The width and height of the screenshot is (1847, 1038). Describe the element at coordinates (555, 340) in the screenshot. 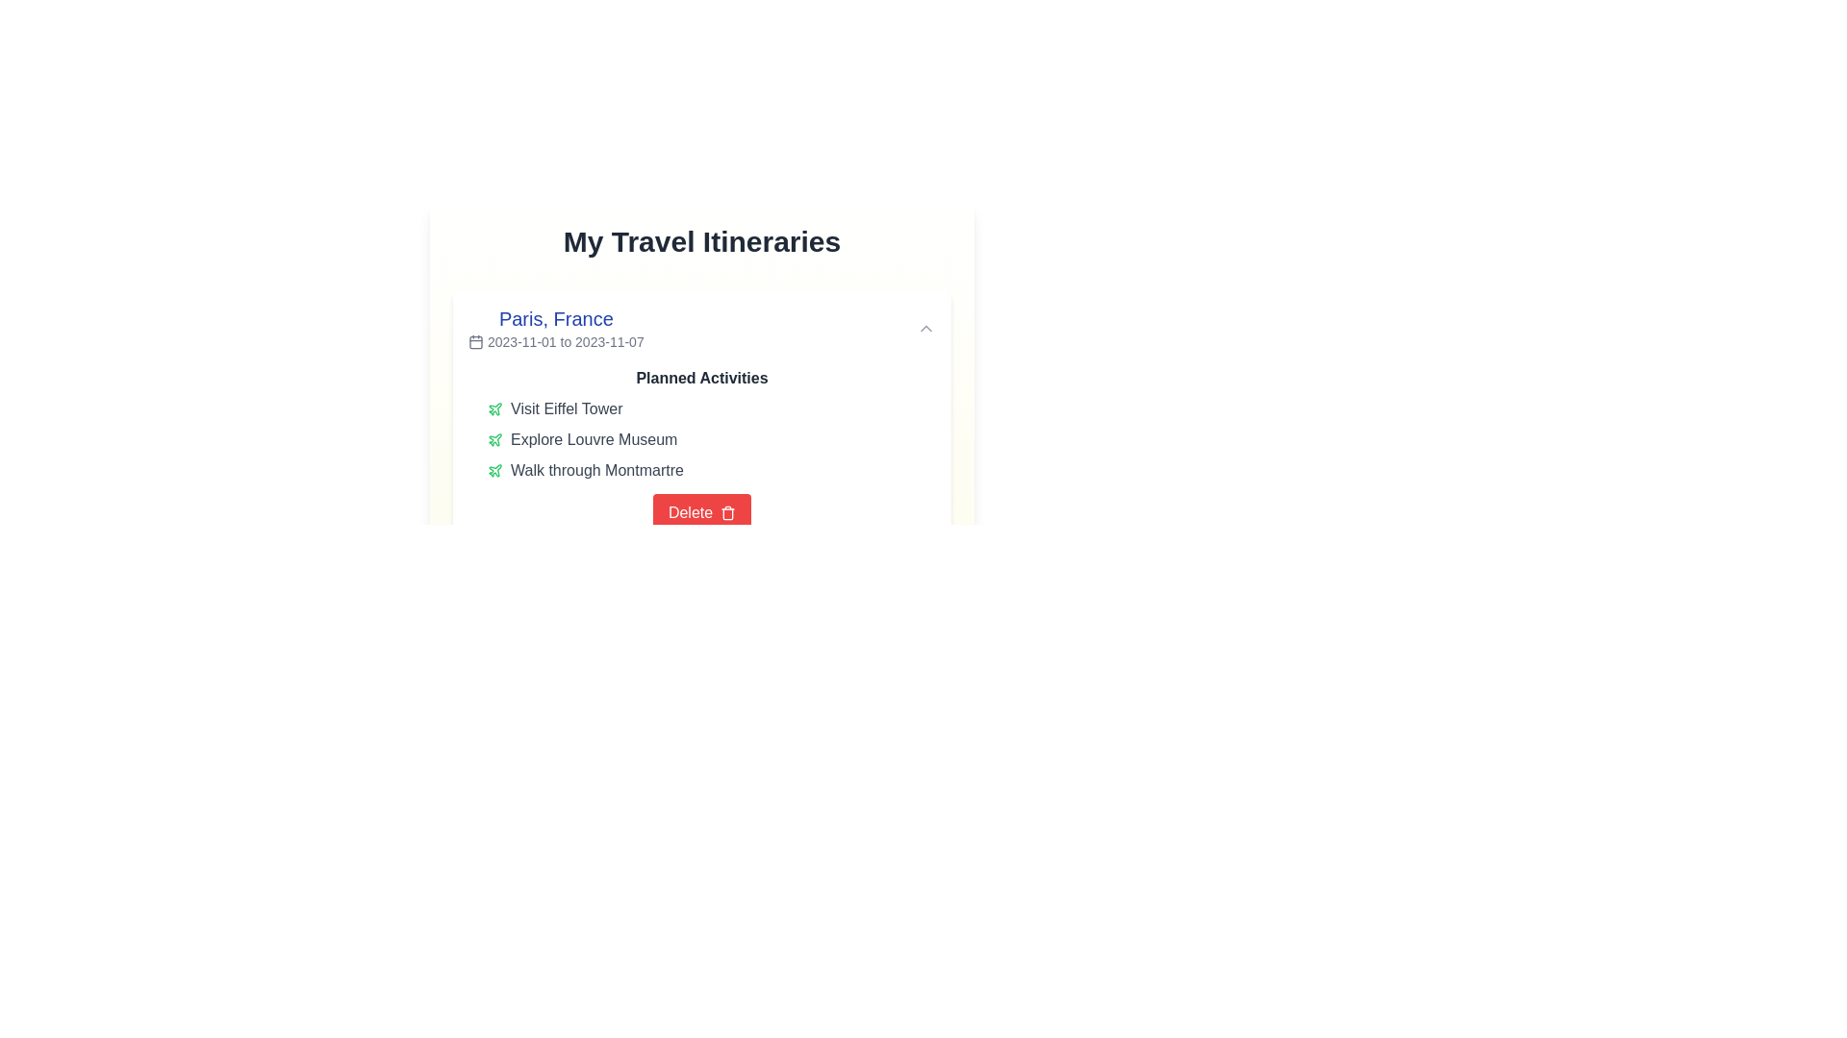

I see `displayed date range from the small text label with a gray color, located beneath the 'Paris, France' label in the 'My Travel Itineraries' section, to the right of the calendar icon` at that location.